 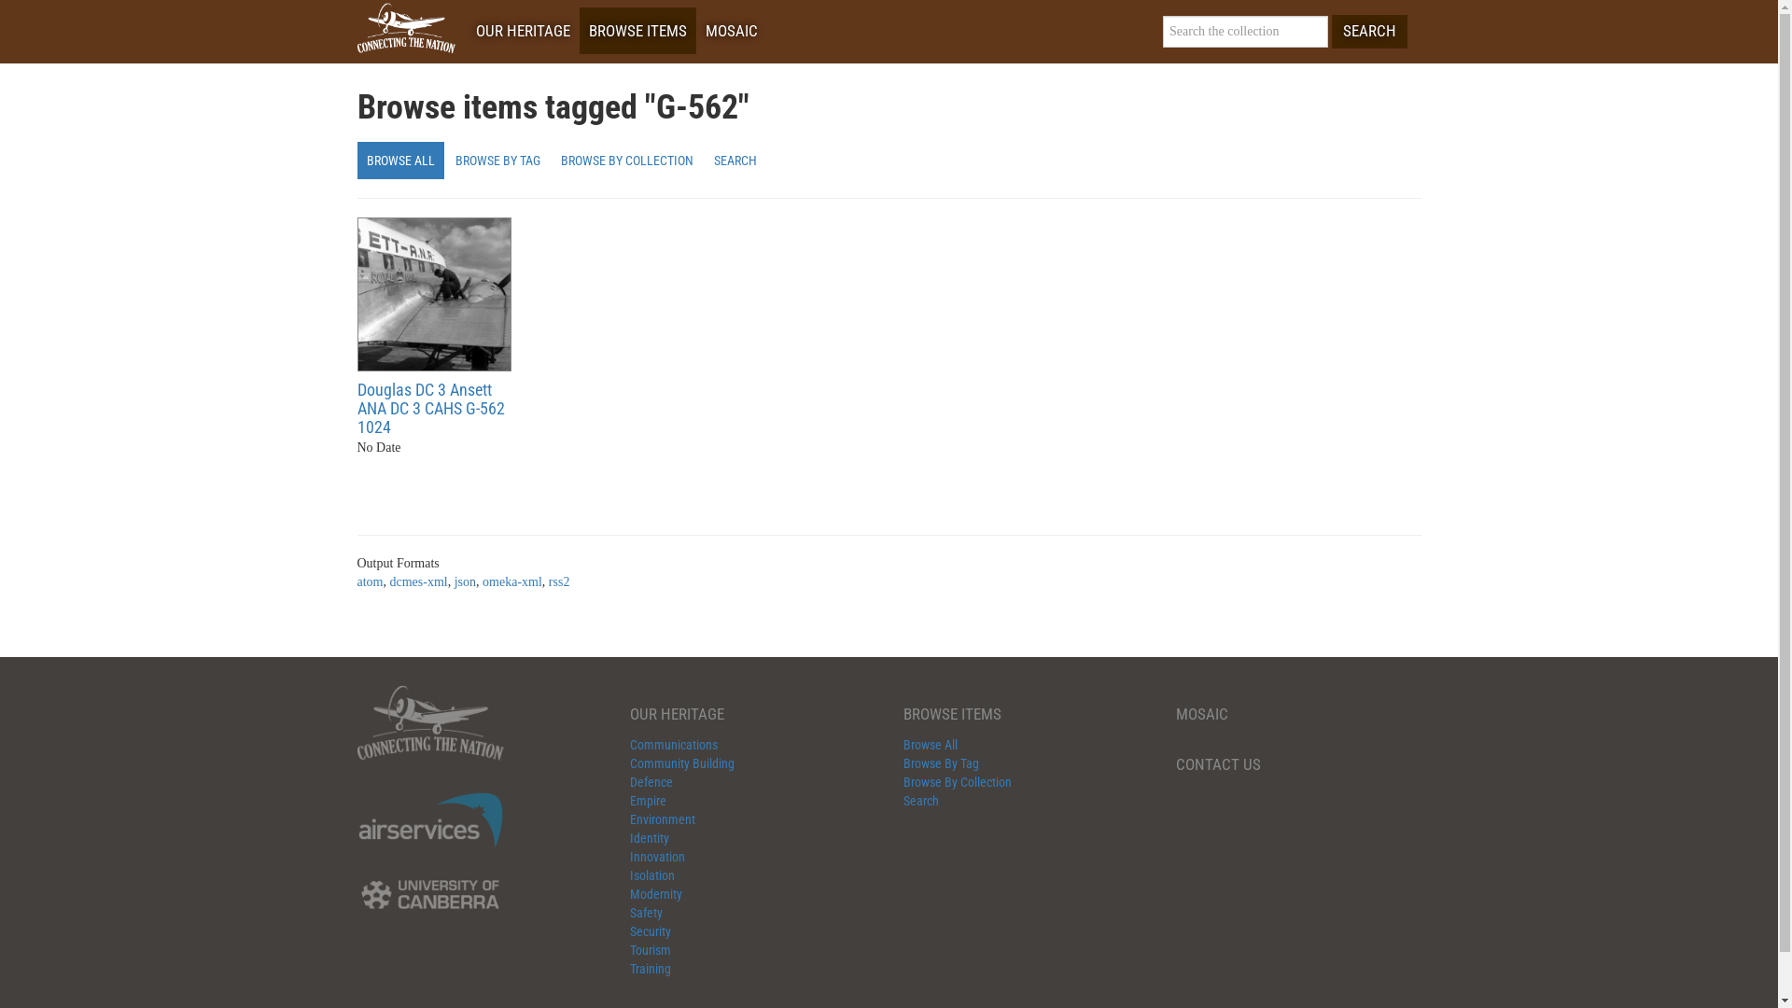 What do you see at coordinates (650, 950) in the screenshot?
I see `'Tourism'` at bounding box center [650, 950].